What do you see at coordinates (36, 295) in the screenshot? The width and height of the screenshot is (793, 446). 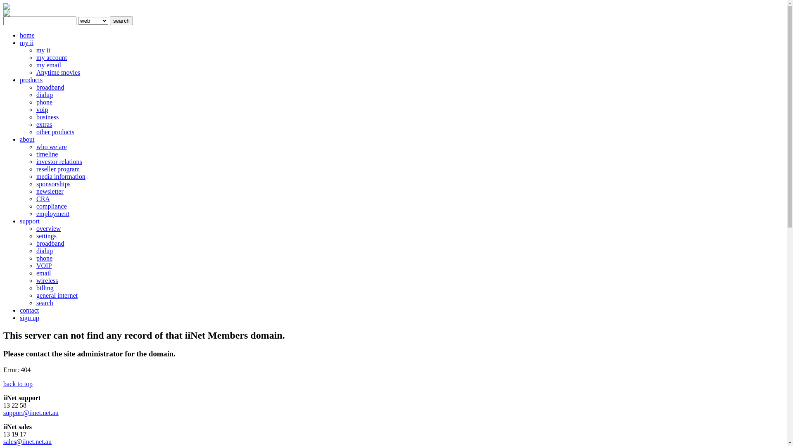 I see `'general internet'` at bounding box center [36, 295].